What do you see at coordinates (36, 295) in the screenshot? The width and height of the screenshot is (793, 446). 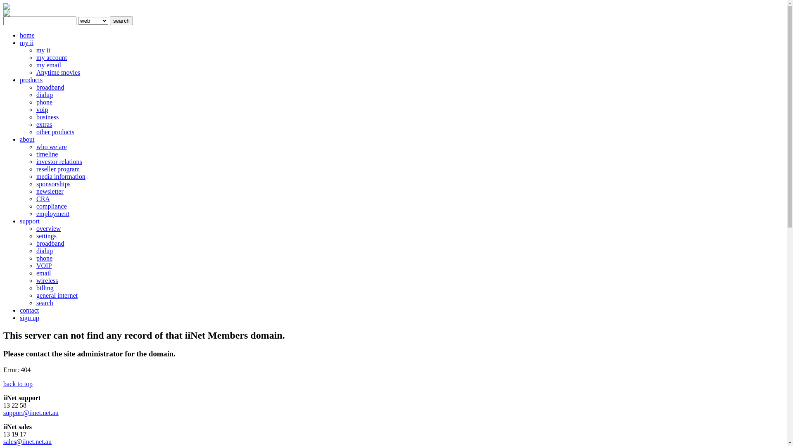 I see `'general internet'` at bounding box center [36, 295].